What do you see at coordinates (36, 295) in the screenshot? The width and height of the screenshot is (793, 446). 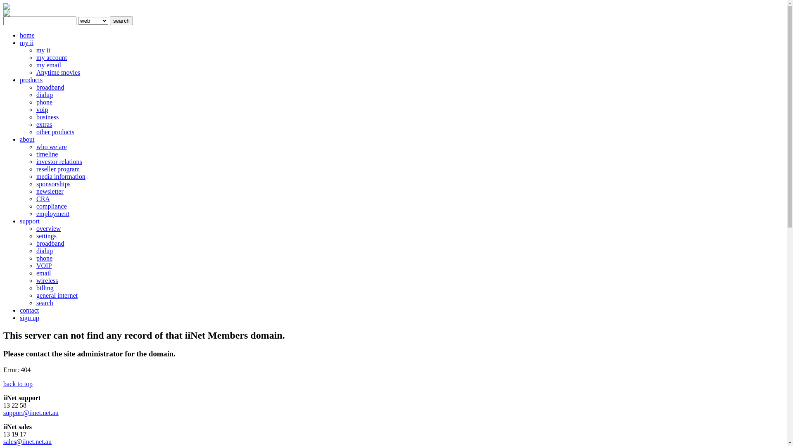 I see `'general internet'` at bounding box center [36, 295].